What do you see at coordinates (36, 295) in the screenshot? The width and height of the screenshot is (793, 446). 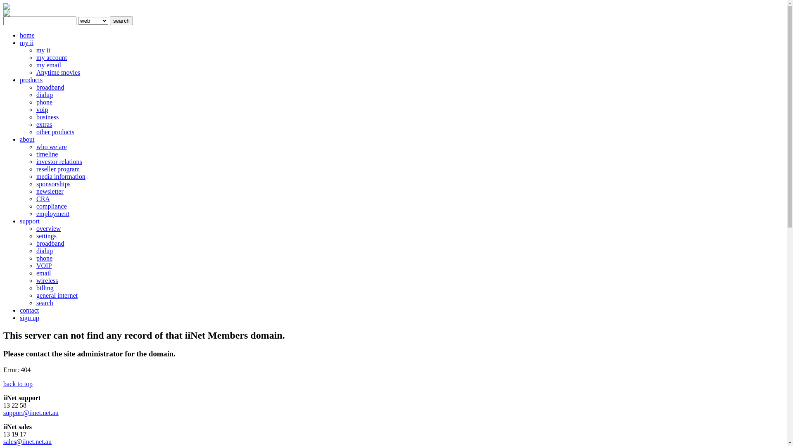 I see `'general internet'` at bounding box center [36, 295].